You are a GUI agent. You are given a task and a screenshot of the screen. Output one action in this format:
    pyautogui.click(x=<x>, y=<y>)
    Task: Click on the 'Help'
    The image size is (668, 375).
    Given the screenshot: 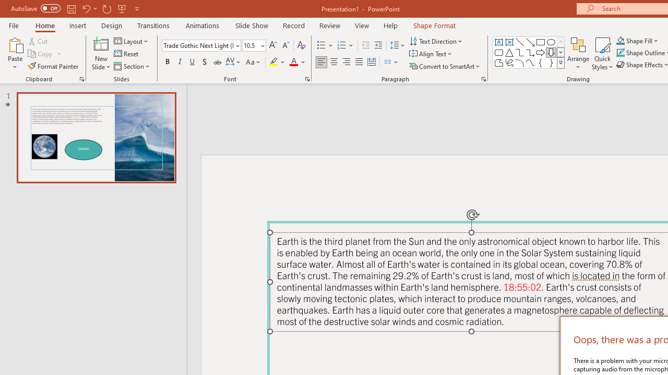 What is the action you would take?
    pyautogui.click(x=390, y=25)
    